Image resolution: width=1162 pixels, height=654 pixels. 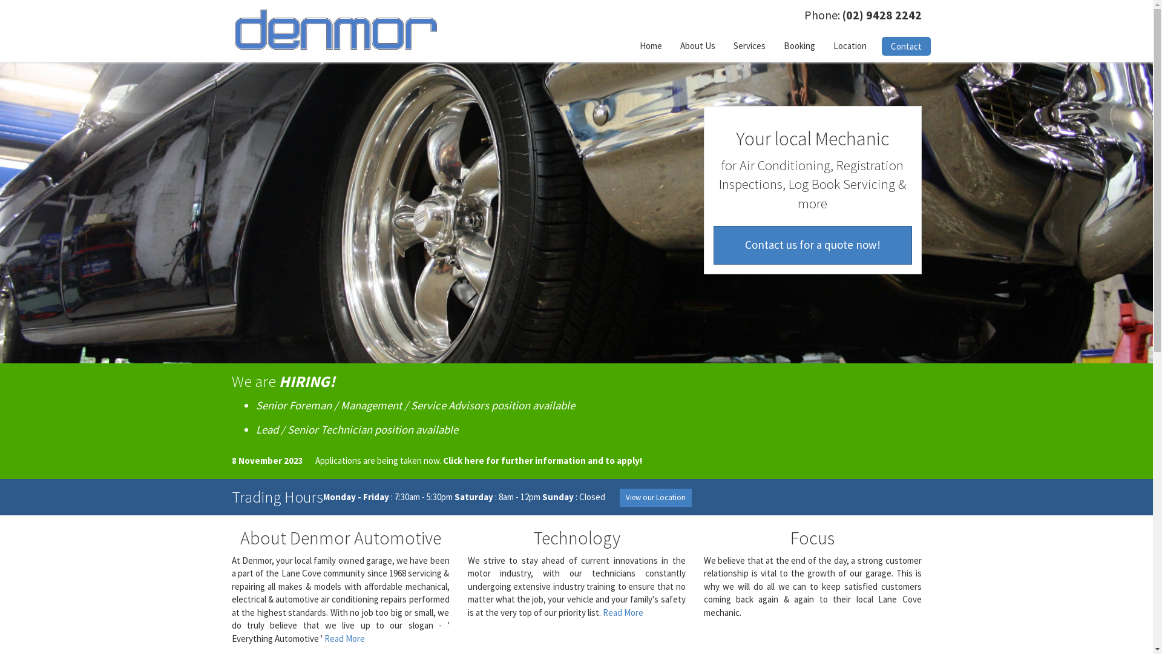 I want to click on 'Booking', so click(x=799, y=45).